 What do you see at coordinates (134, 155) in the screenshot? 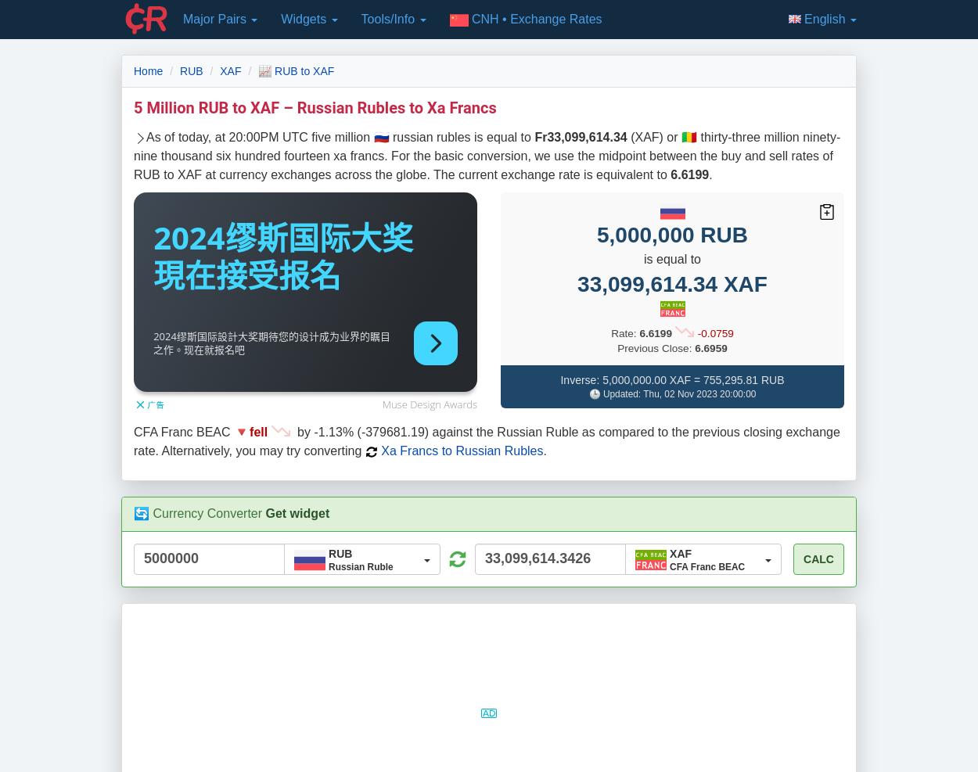
I see `'(XAF) or 🇲🇱 thirty-three million ninety-nine thousand six hundred fourteen xa francs. For the basic conversion, we use the midpoint between the buy and sell rates of RUB to XAF at currency exchanges across the globe. The current exchange rate is equivalent to'` at bounding box center [134, 155].